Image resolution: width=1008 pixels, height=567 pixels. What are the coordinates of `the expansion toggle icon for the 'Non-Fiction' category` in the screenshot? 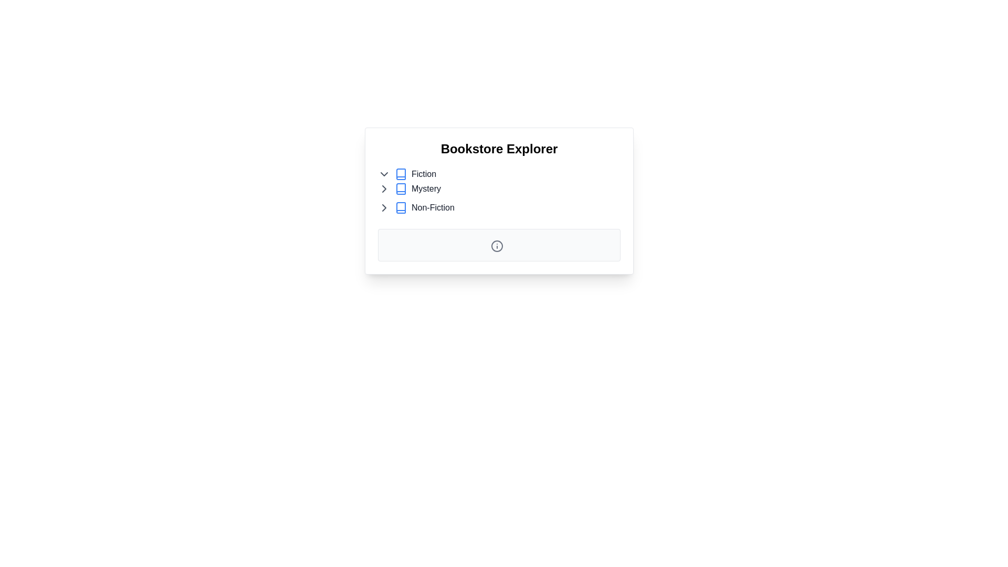 It's located at (383, 208).